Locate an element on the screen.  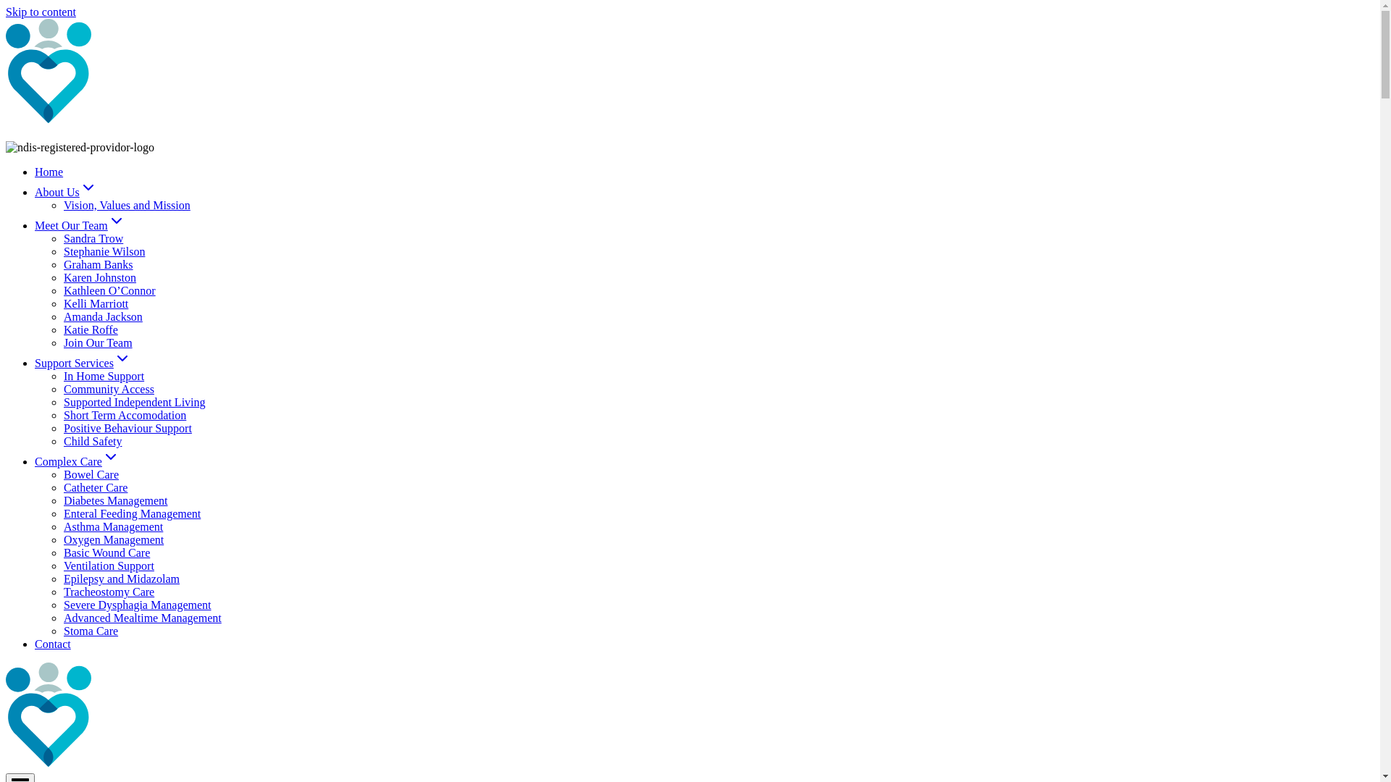
'Catheter Care' is located at coordinates (94, 487).